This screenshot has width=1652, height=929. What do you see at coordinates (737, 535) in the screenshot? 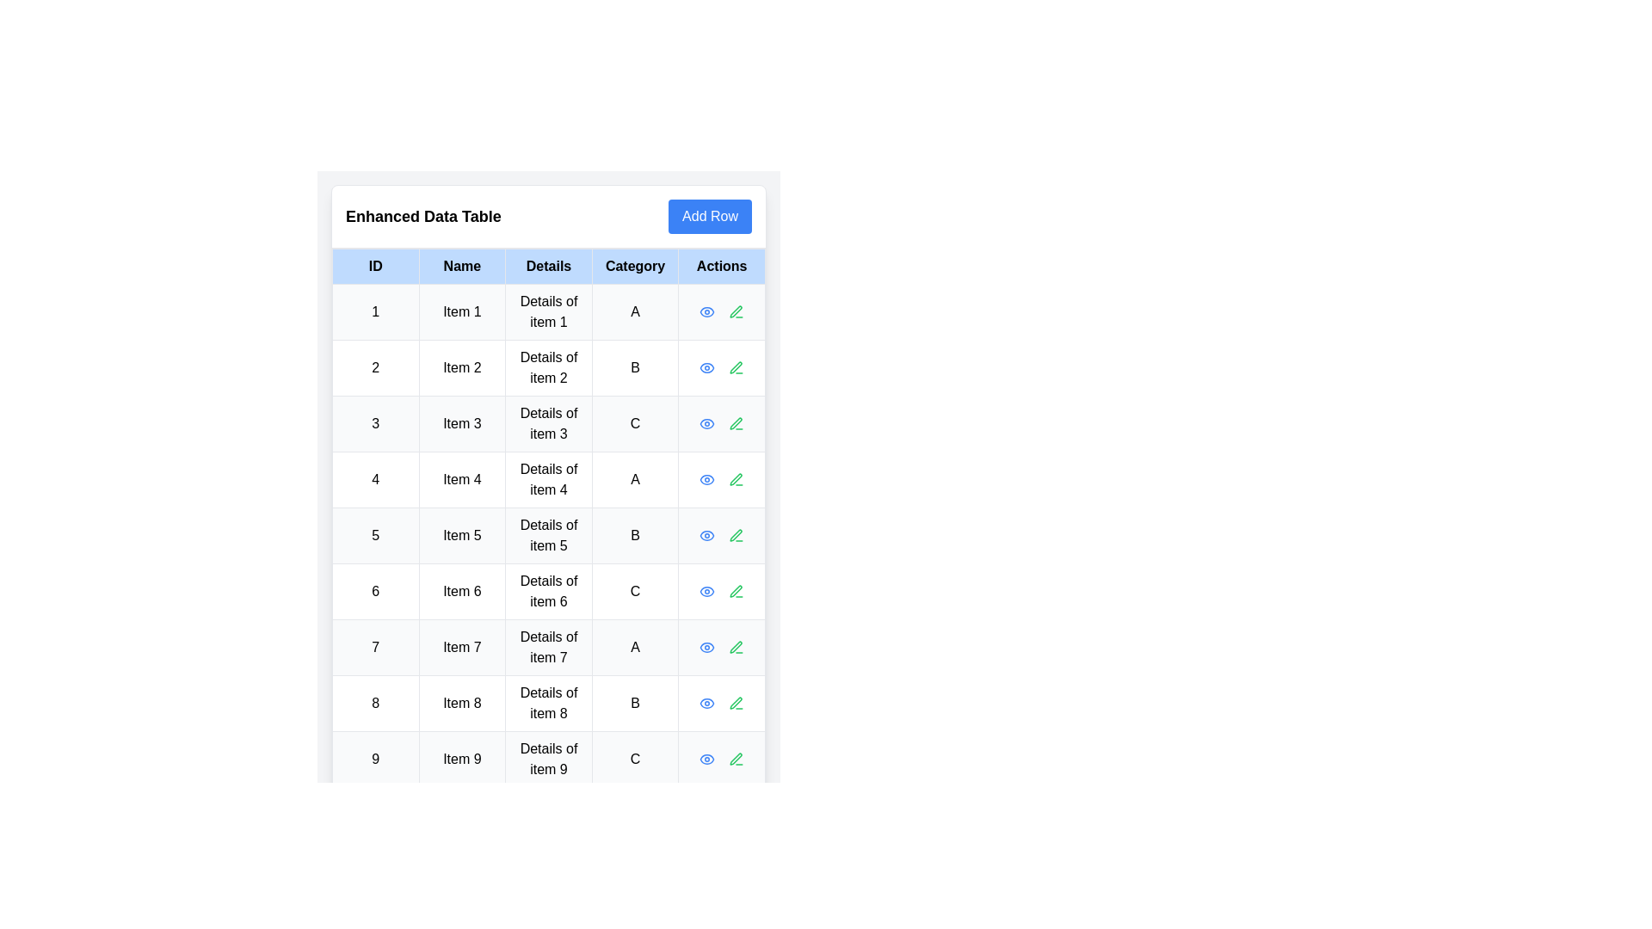
I see `the edit icon located` at bounding box center [737, 535].